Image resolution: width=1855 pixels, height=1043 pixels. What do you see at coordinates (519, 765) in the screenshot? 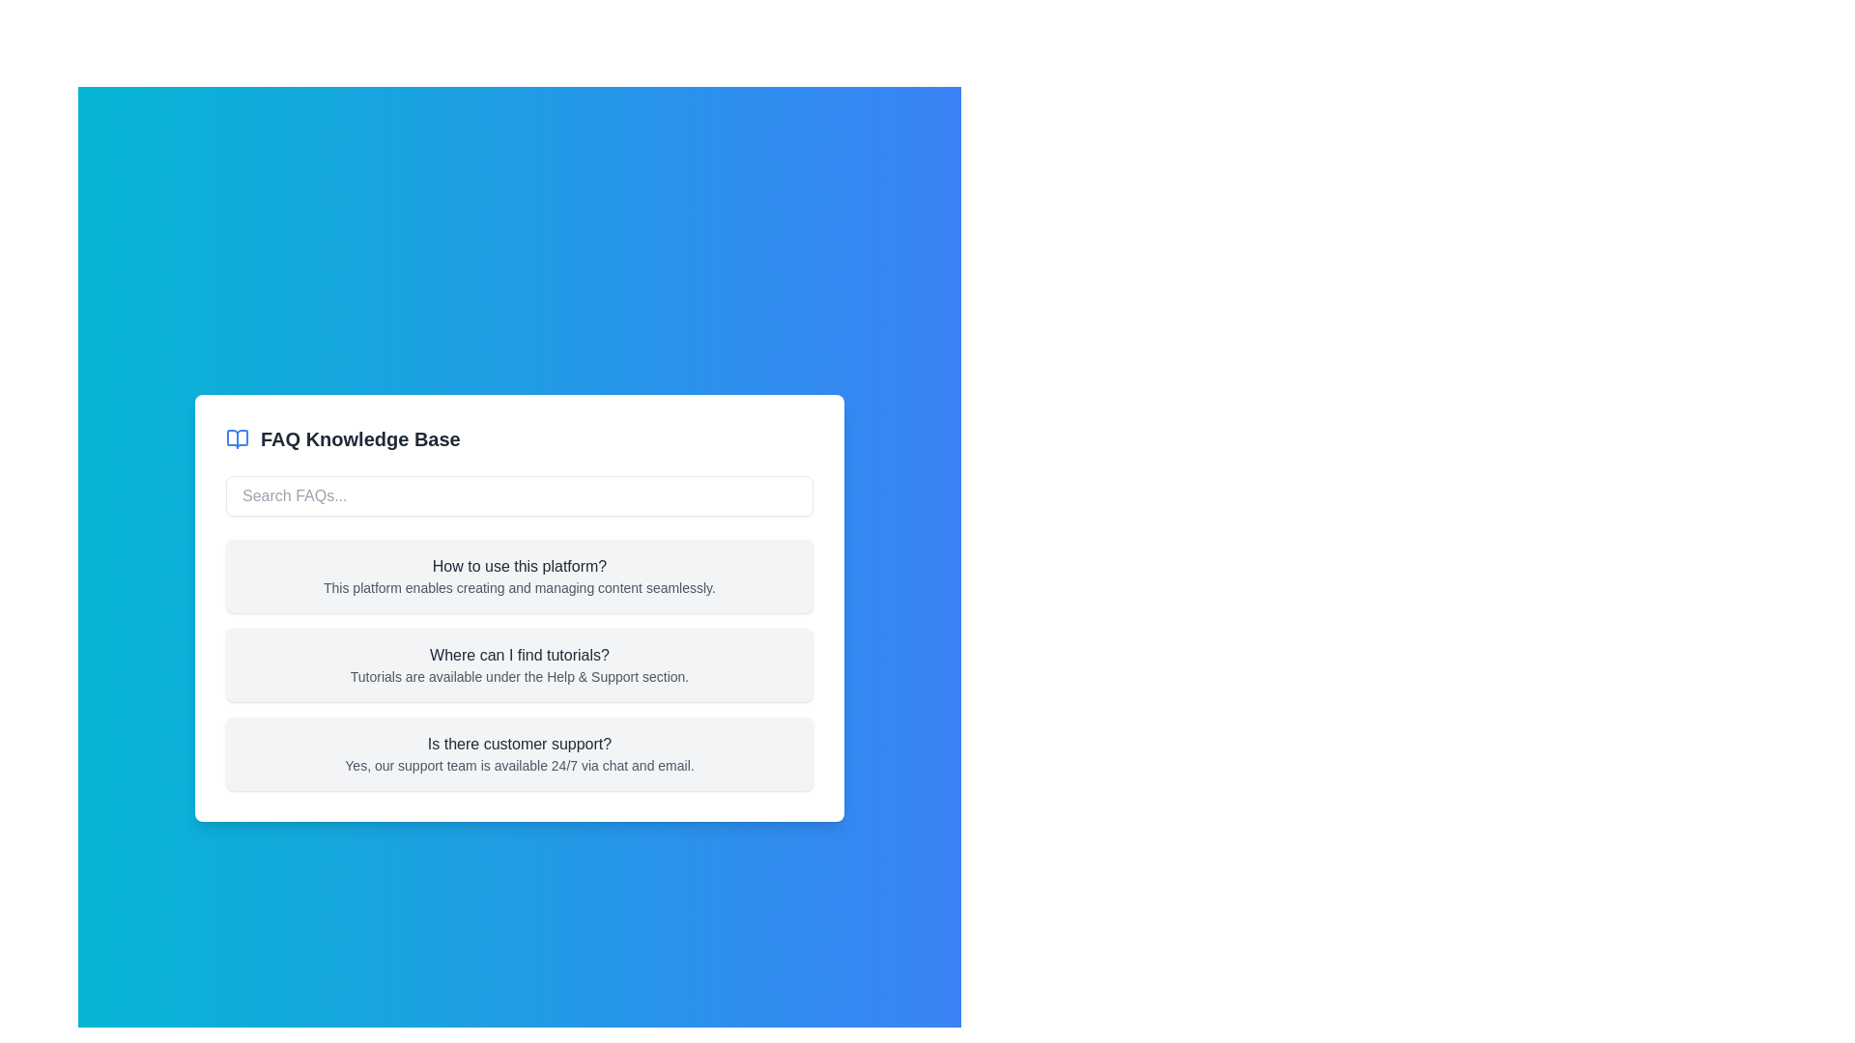
I see `the descriptive text providing information about customer support availability, located below the question 'Is there customer support?' in the FAQ card` at bounding box center [519, 765].